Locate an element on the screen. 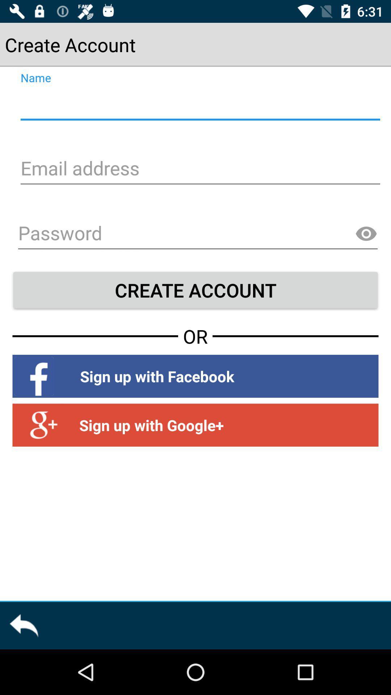 The width and height of the screenshot is (391, 695). the icon above create account item is located at coordinates (366, 234).